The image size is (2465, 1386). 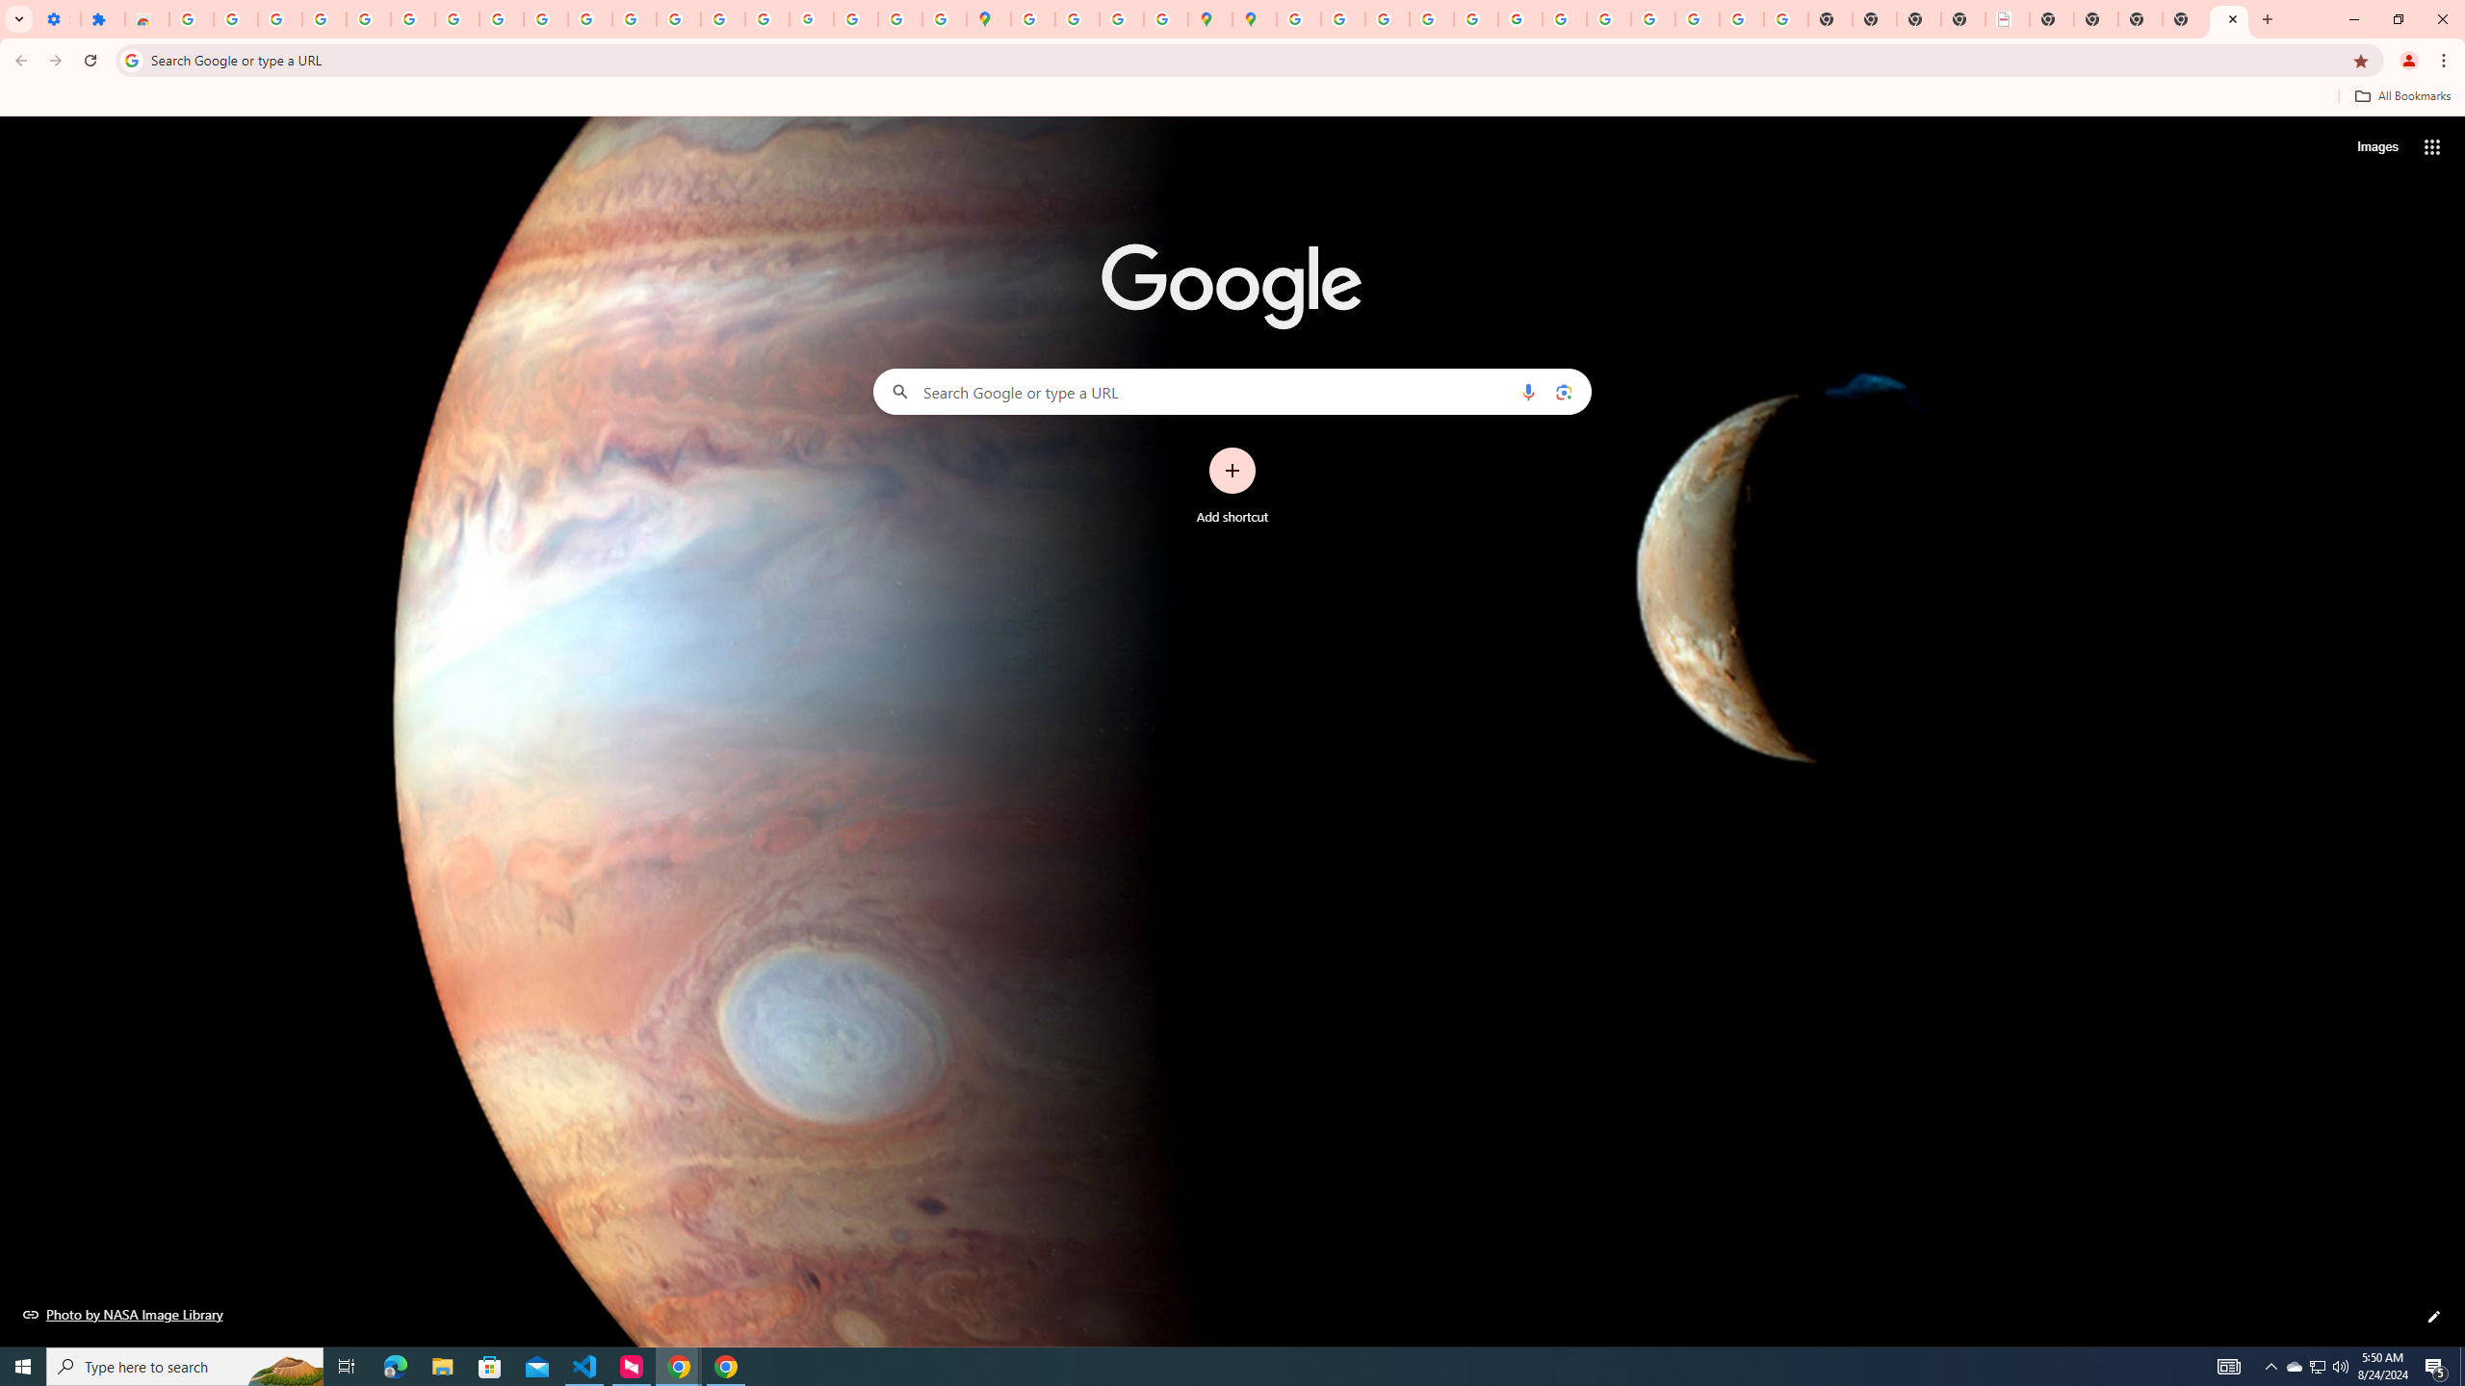 What do you see at coordinates (1527, 390) in the screenshot?
I see `'Search by voice'` at bounding box center [1527, 390].